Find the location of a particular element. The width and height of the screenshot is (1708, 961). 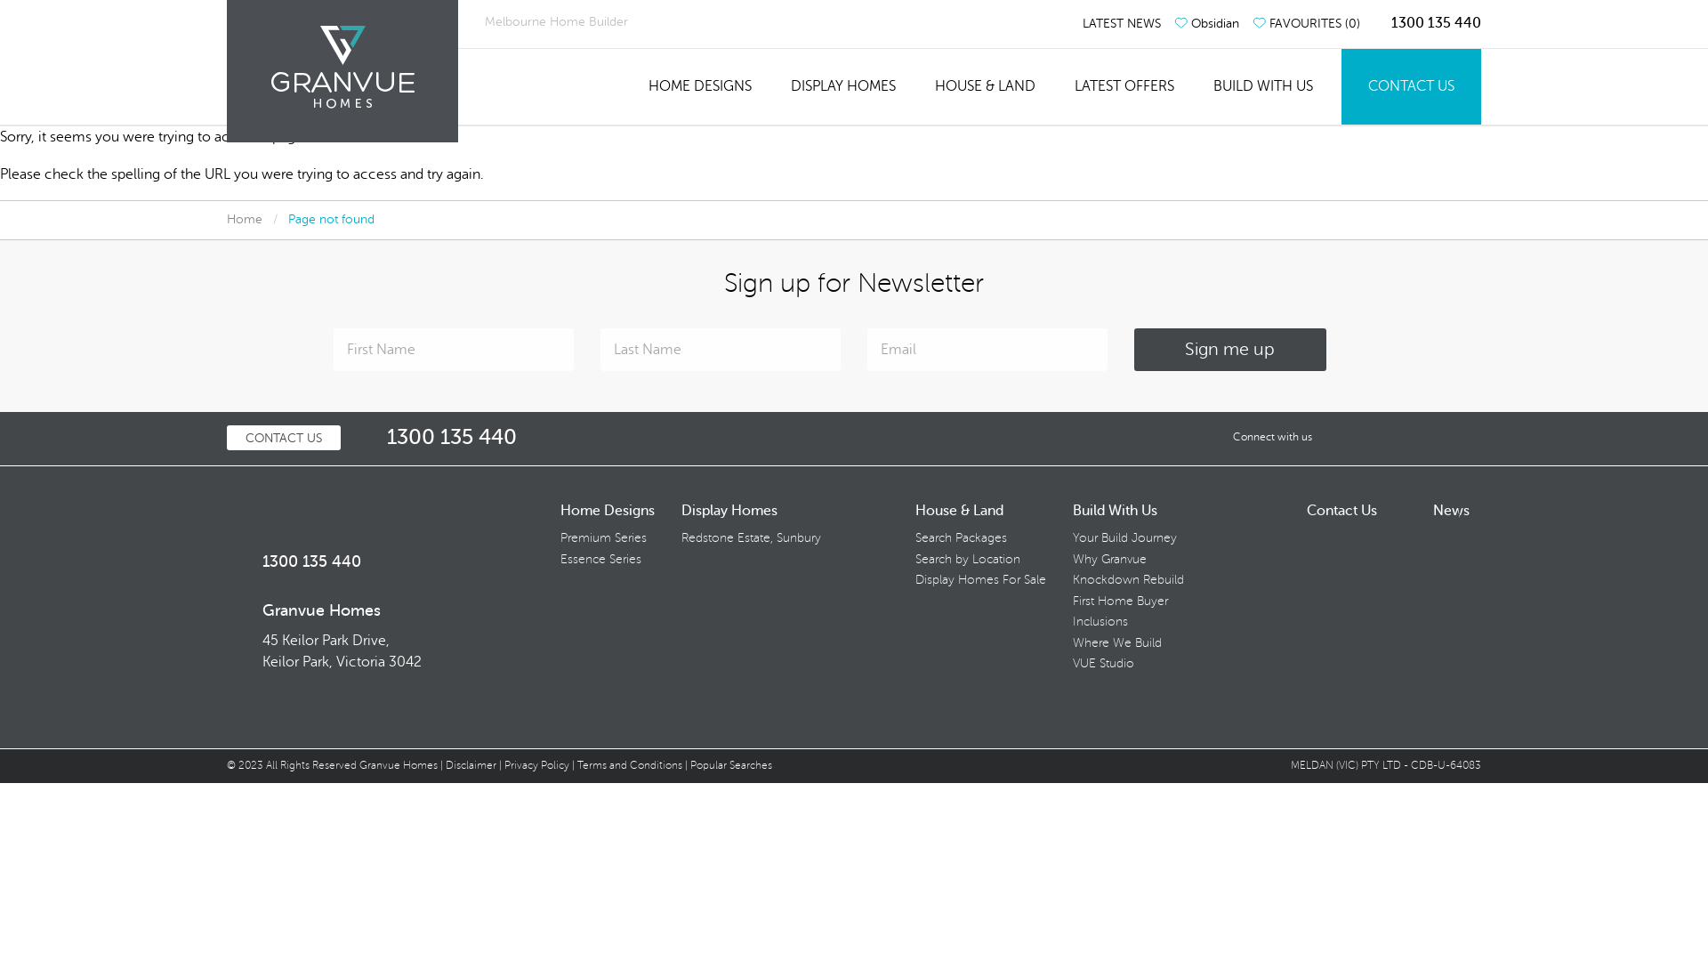

'Where We Build' is located at coordinates (1116, 642).